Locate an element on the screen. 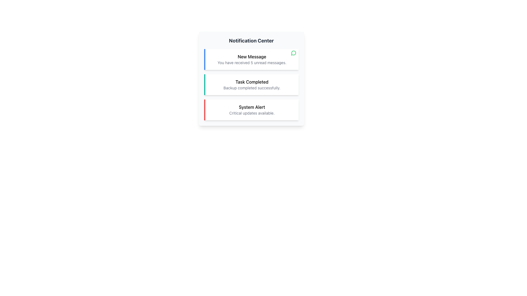  the first notification card in the notification center to read the details of the five unread messages is located at coordinates (251, 59).